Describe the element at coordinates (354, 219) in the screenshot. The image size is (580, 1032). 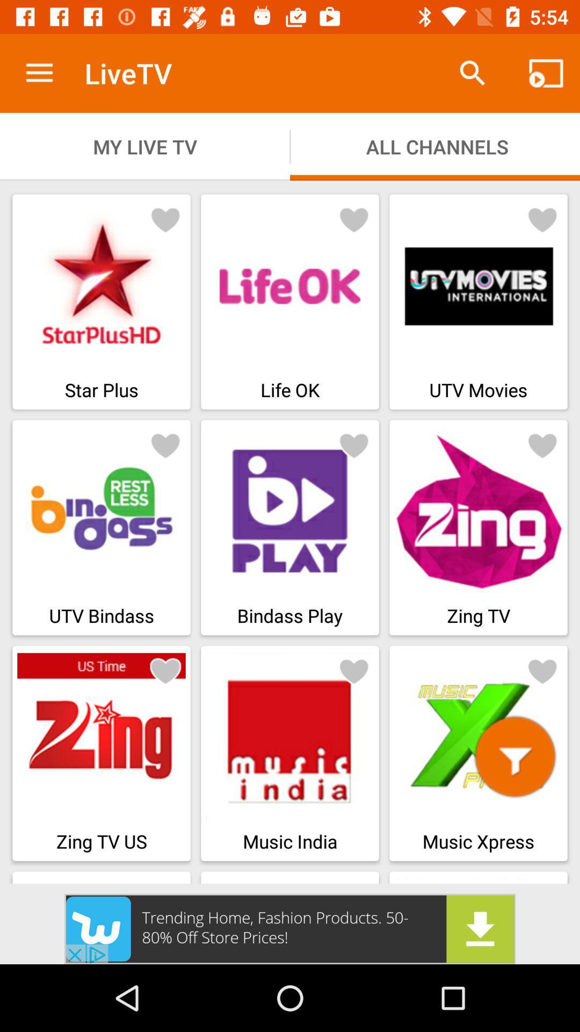
I see `to favourite` at that location.